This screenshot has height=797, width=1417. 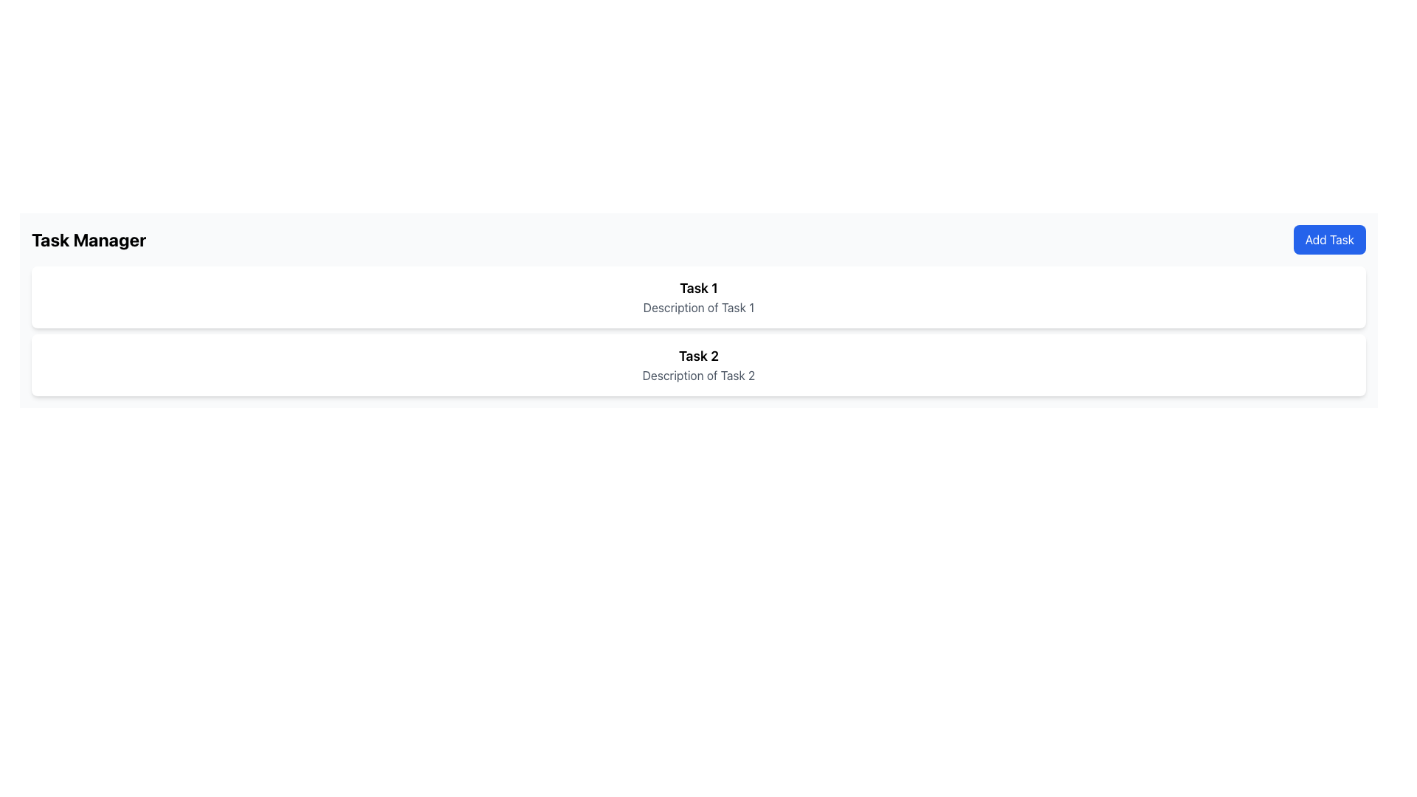 I want to click on text label displaying 'Description of Task 1' located directly below the 'Task 1' header in the first task card of the task list, so click(x=697, y=306).